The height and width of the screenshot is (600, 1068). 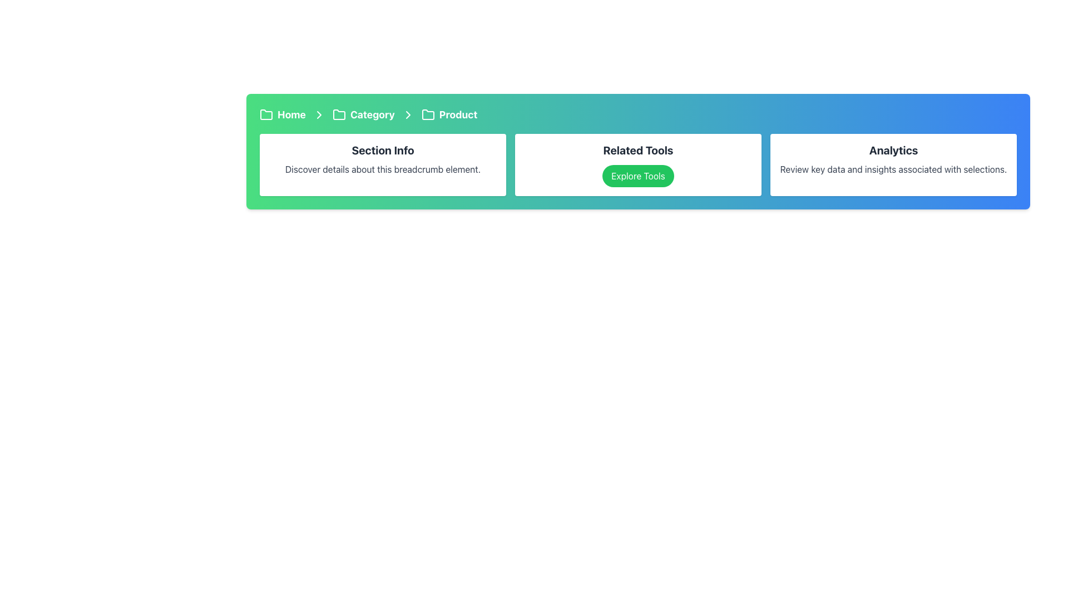 I want to click on the navigational breadcrumb link labeled 'Category', so click(x=363, y=115).